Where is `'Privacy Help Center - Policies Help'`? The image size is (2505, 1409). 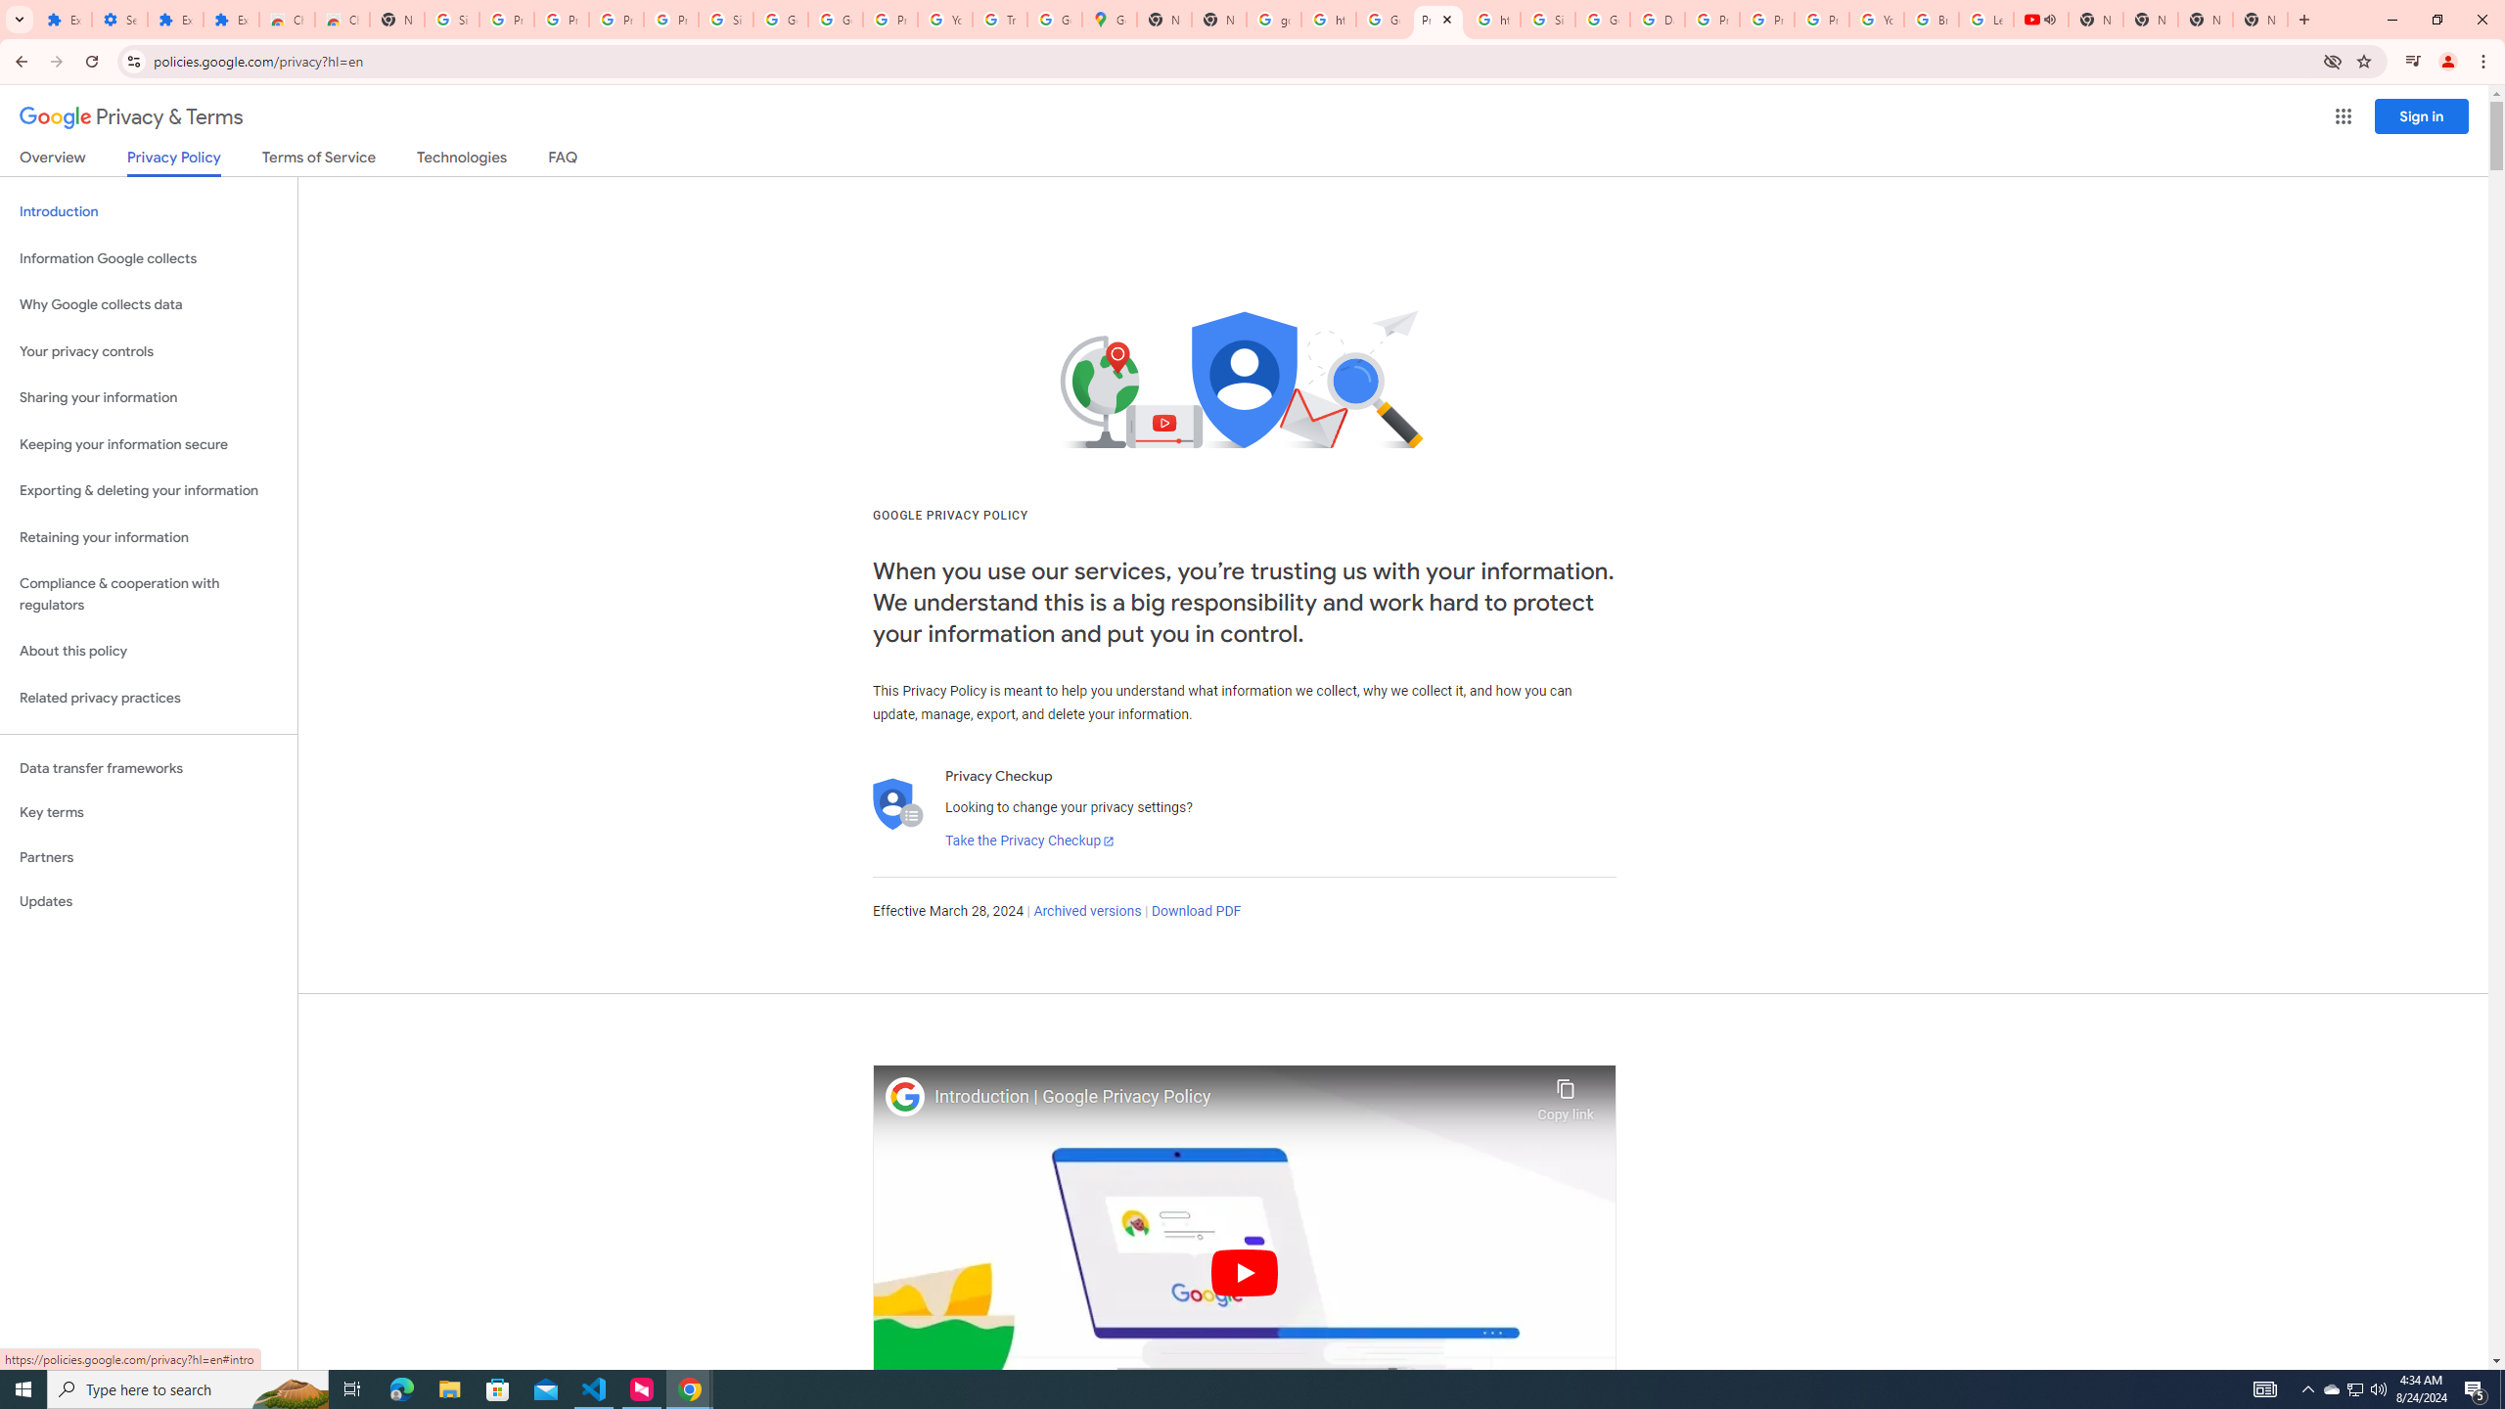 'Privacy Help Center - Policies Help' is located at coordinates (1766, 19).